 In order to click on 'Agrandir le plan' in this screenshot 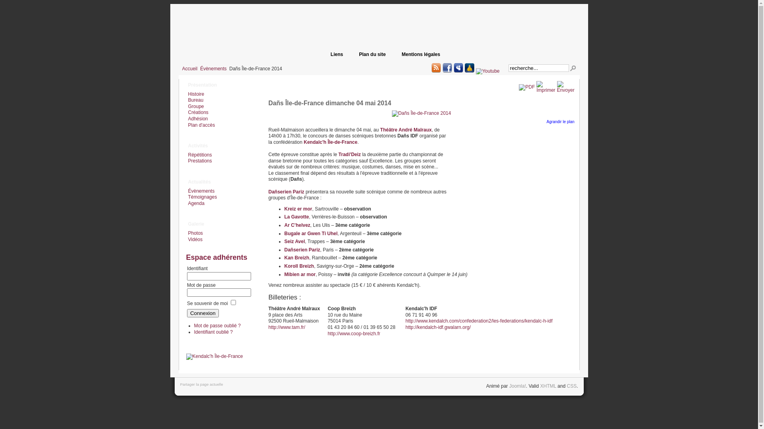, I will do `click(560, 122)`.